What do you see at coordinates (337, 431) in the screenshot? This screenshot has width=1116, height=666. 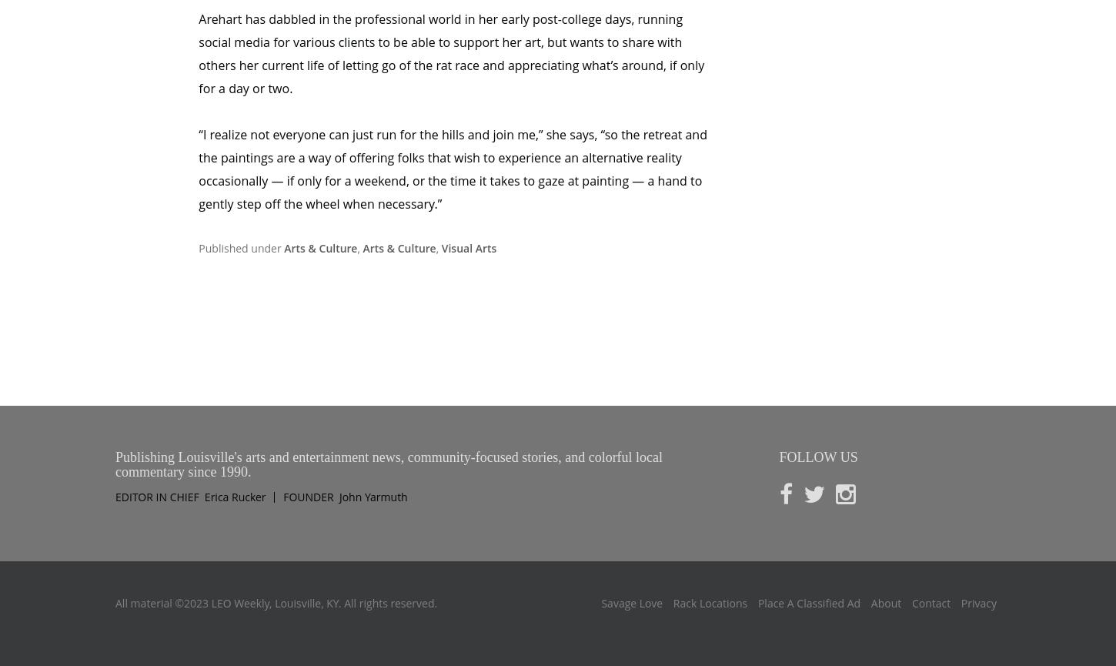 I see `'John Yarmuth'` at bounding box center [337, 431].